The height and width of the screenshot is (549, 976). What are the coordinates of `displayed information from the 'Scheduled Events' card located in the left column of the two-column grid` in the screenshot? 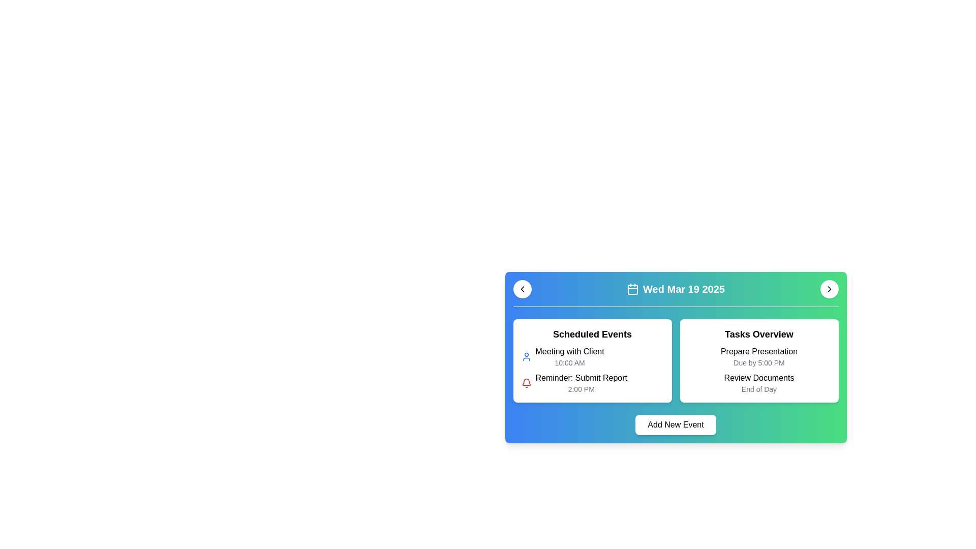 It's located at (592, 360).